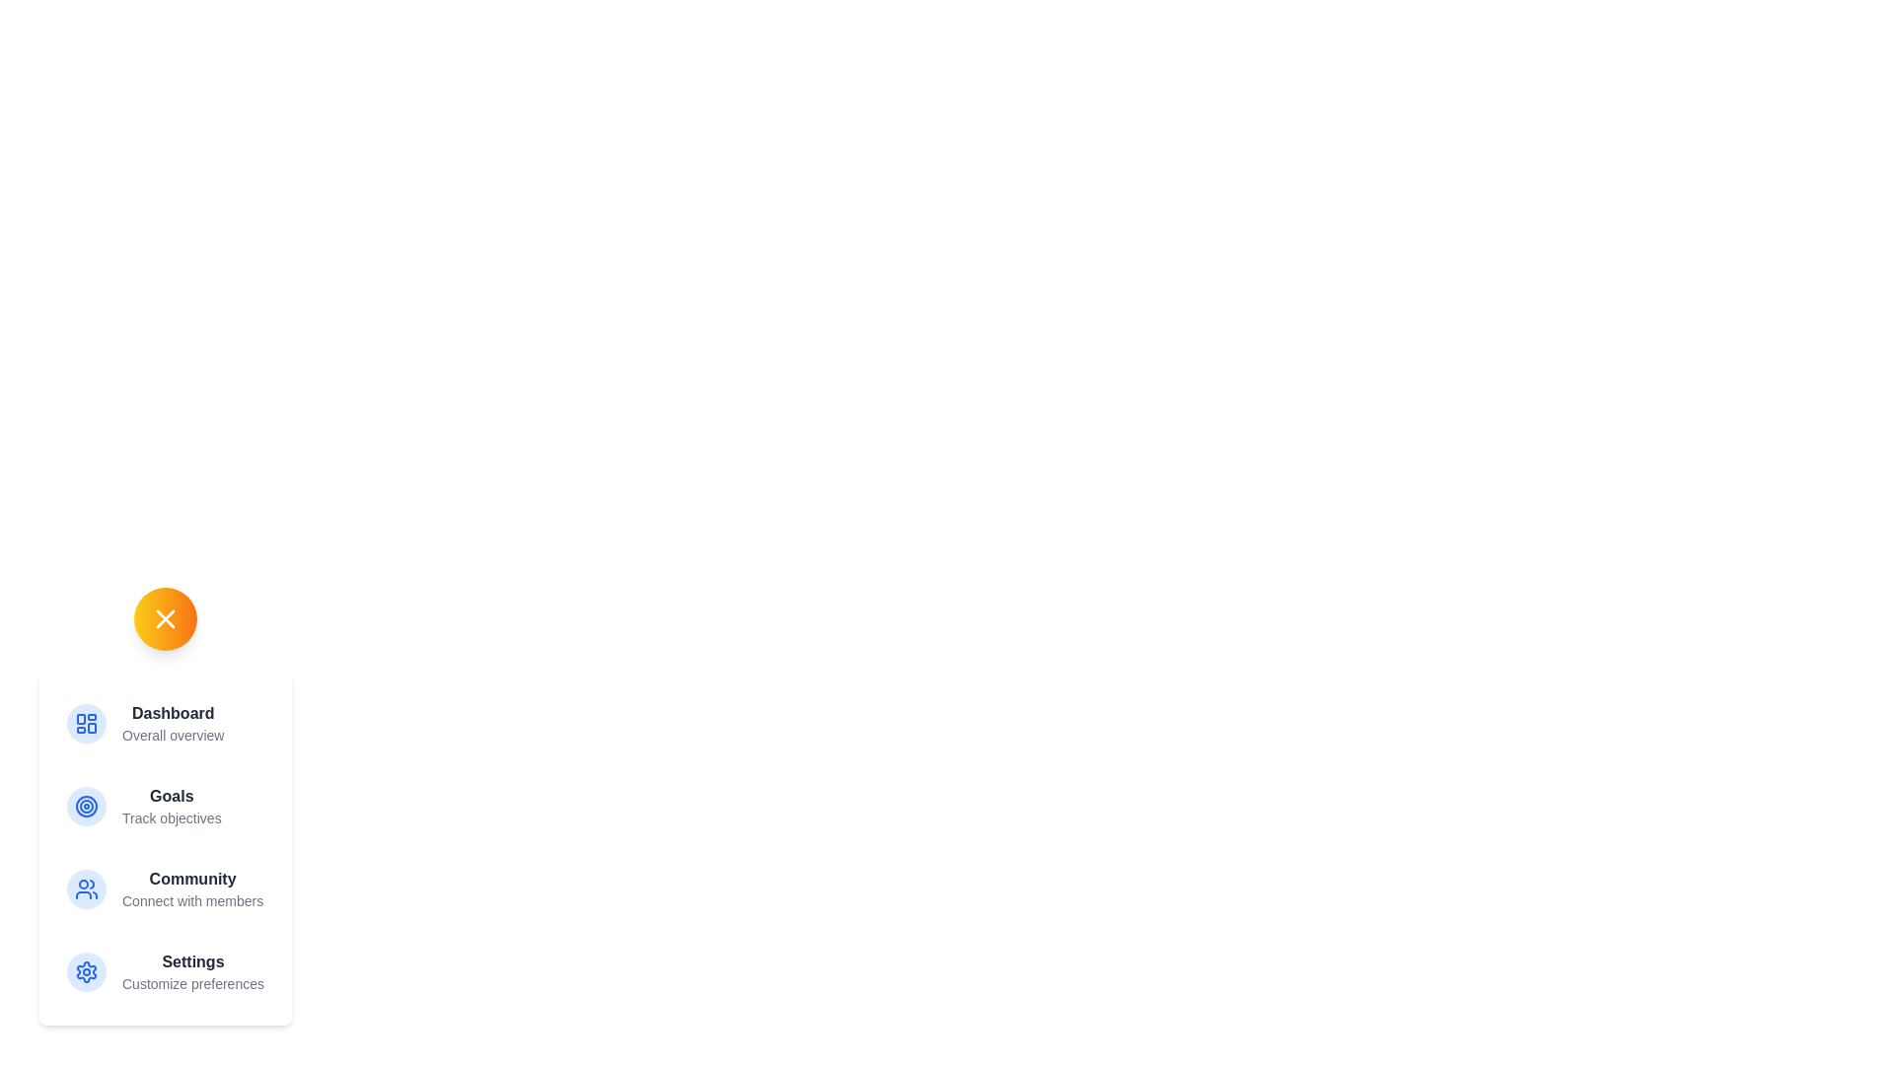 The width and height of the screenshot is (1894, 1065). What do you see at coordinates (165, 618) in the screenshot?
I see `toggle button to change the visibility of the TaskManagerPanel` at bounding box center [165, 618].